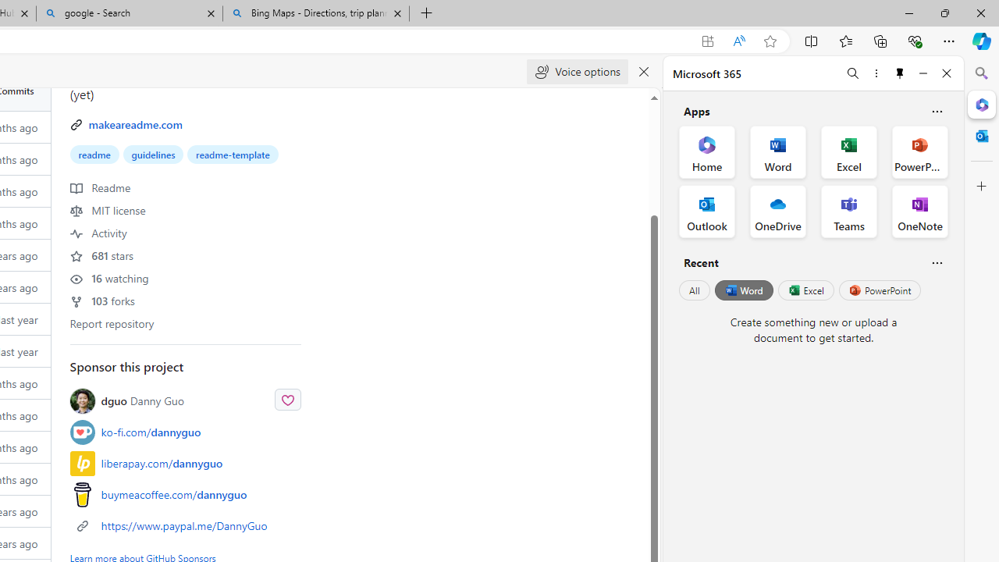  Describe the element at coordinates (108, 277) in the screenshot. I see `'16 watching'` at that location.